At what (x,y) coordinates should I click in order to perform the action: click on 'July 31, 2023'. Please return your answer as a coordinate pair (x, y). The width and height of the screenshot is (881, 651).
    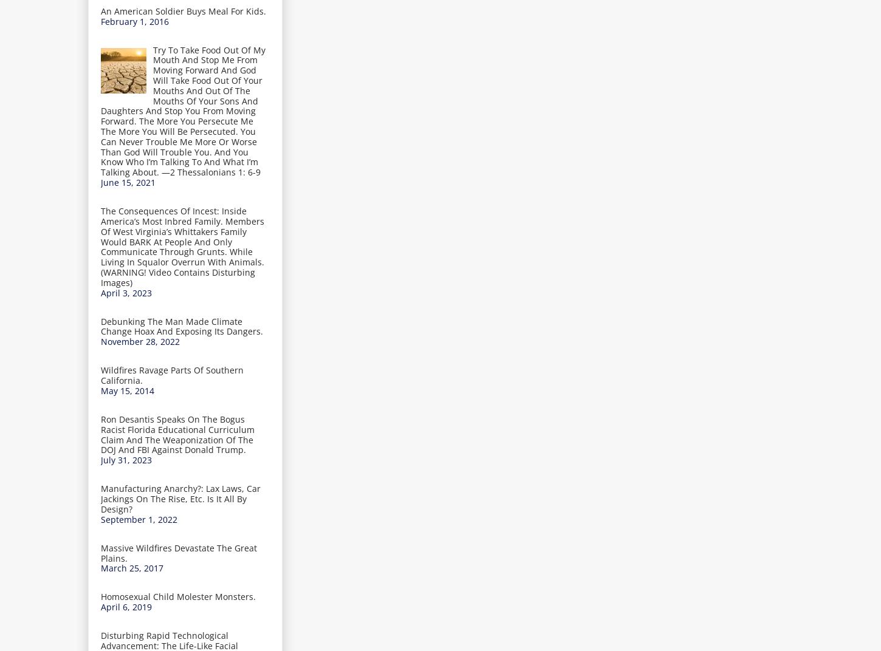
    Looking at the image, I should click on (100, 460).